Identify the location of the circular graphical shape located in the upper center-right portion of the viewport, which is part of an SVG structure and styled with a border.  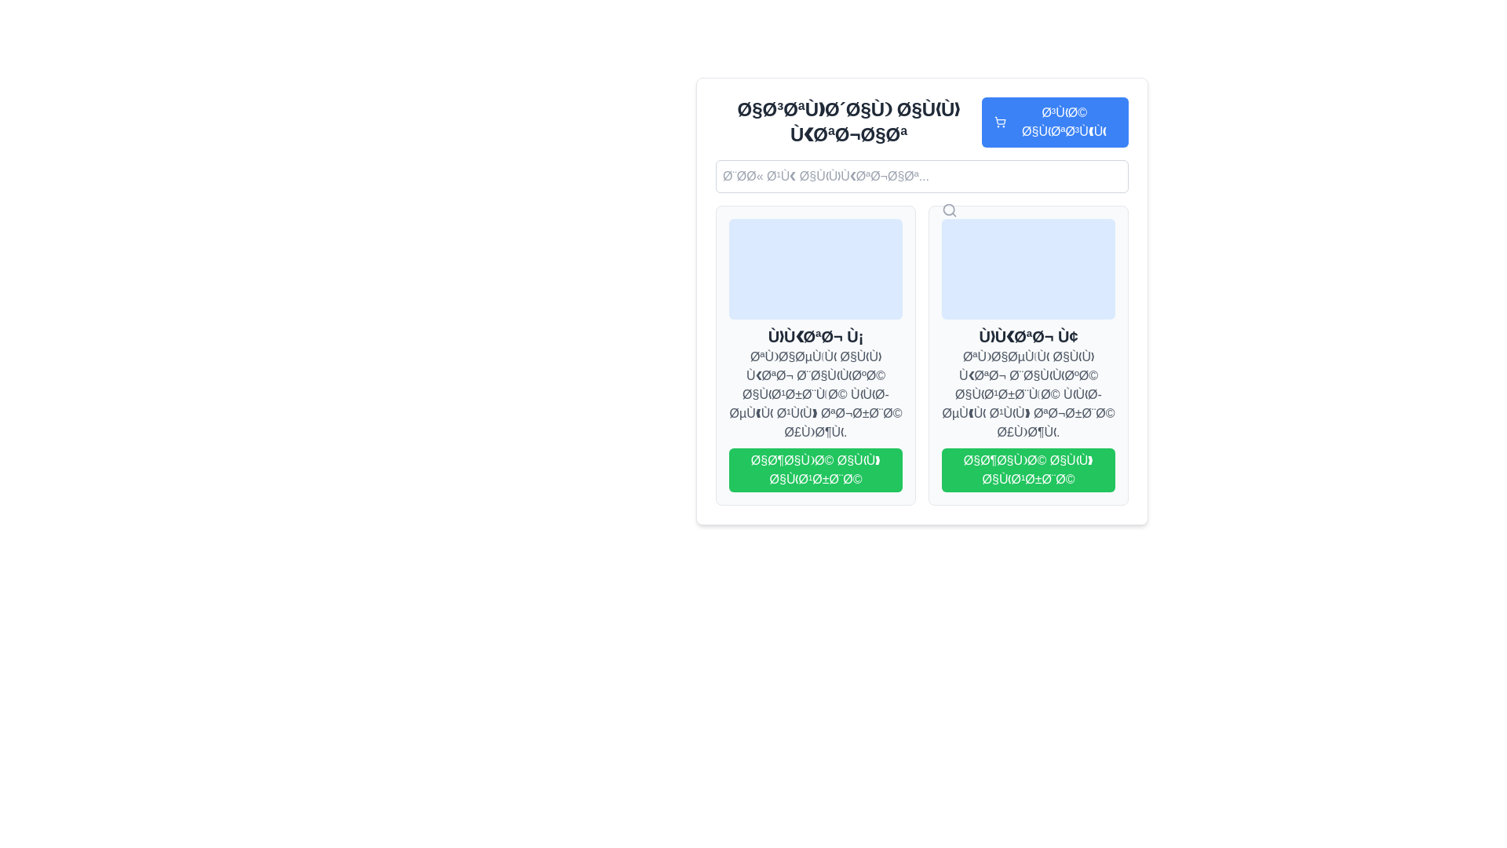
(948, 209).